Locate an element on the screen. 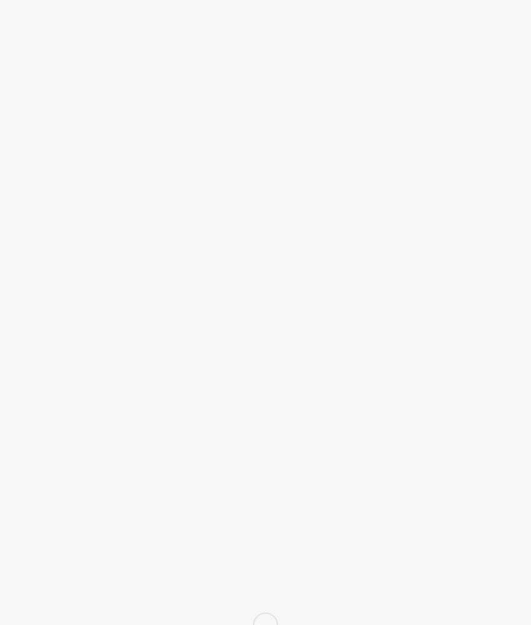 Image resolution: width=531 pixels, height=625 pixels. 'ADREÇA' is located at coordinates (368, 406).